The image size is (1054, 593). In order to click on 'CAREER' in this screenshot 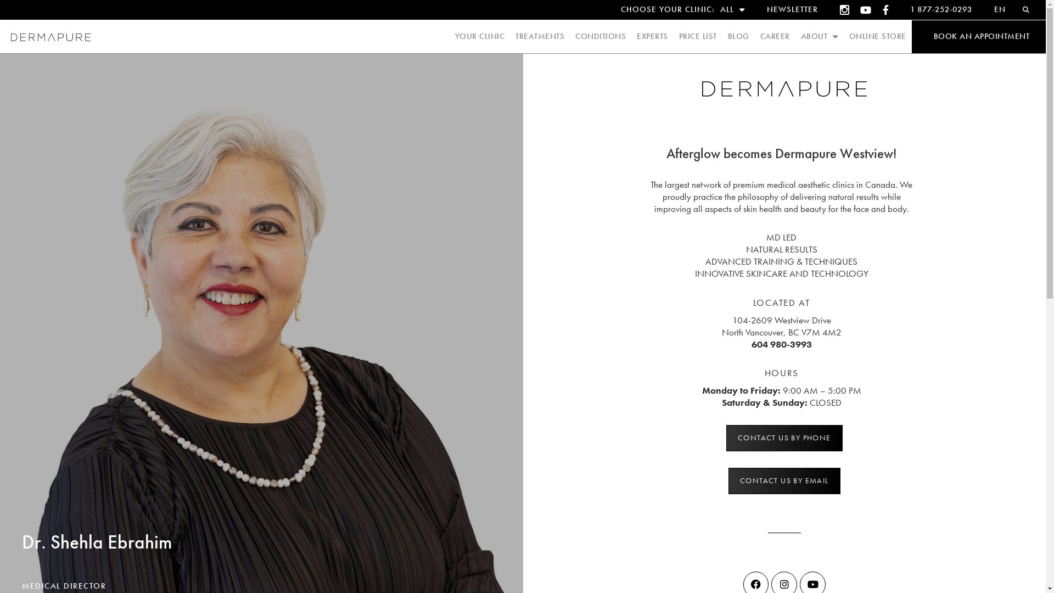, I will do `click(774, 36)`.